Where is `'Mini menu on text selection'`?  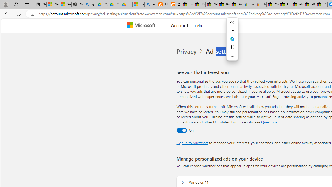
'Mini menu on text selection' is located at coordinates (232, 42).